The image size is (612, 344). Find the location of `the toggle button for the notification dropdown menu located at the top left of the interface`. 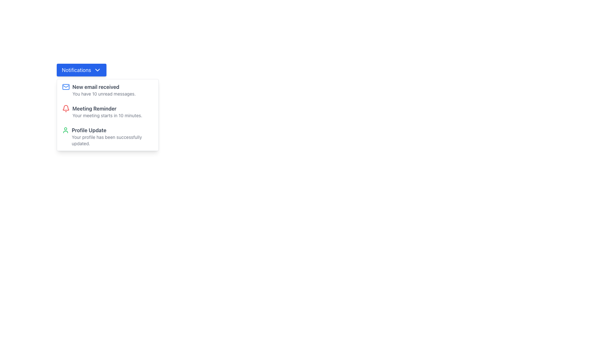

the toggle button for the notification dropdown menu located at the top left of the interface is located at coordinates (81, 70).